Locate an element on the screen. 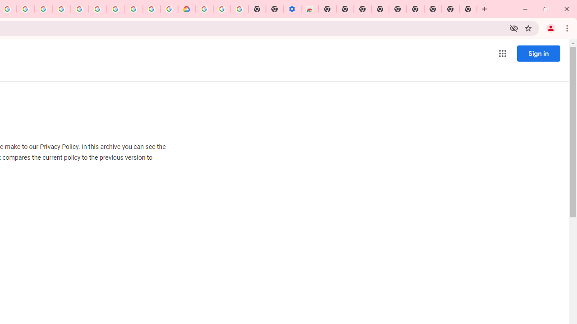  'Ad Settings' is located at coordinates (61, 9).